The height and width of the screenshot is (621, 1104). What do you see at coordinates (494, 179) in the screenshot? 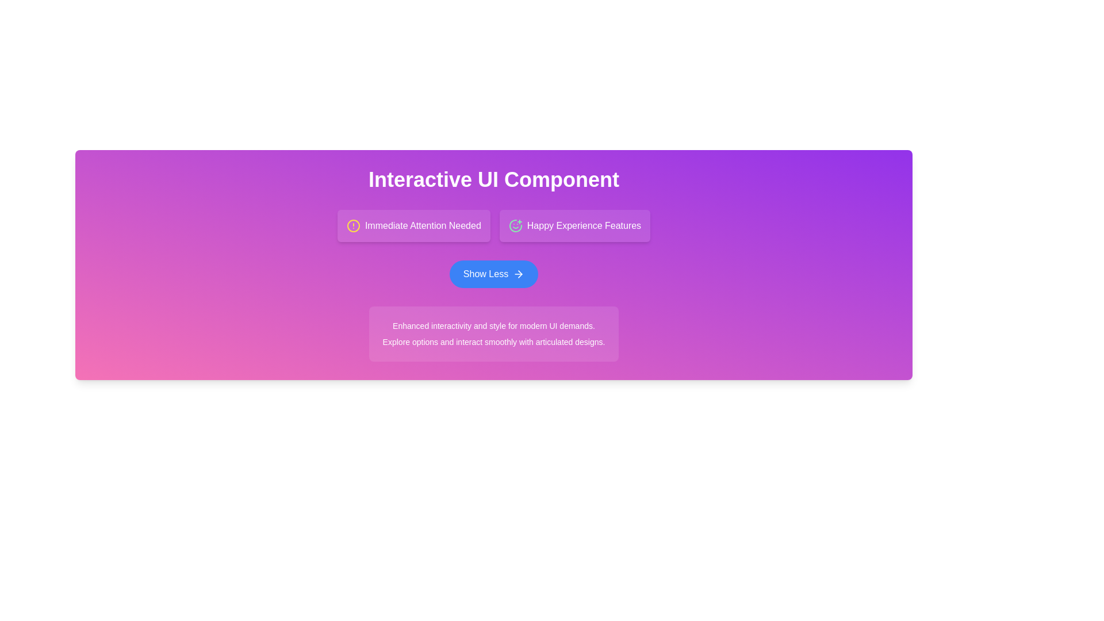
I see `the Title text that displays 'Interactive UI Component', which serves as the heading of the section` at bounding box center [494, 179].